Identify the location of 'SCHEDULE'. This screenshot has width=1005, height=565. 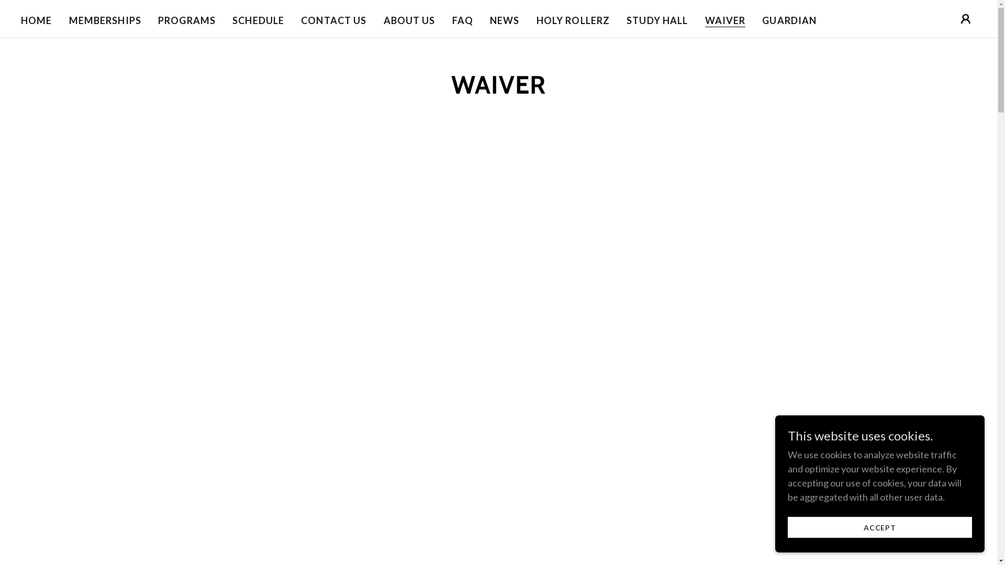
(258, 20).